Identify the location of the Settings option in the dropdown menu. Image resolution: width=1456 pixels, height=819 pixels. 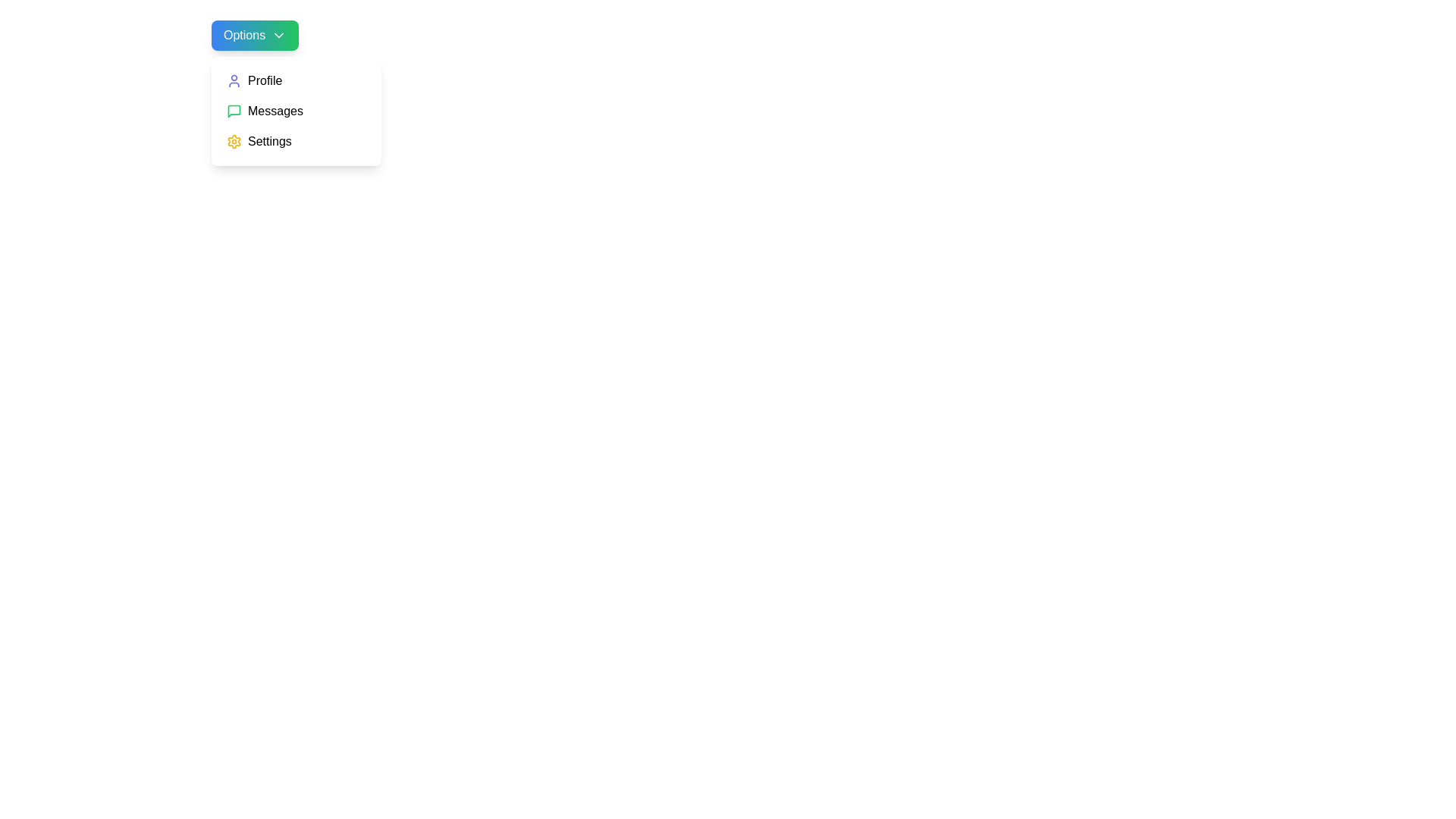
(296, 141).